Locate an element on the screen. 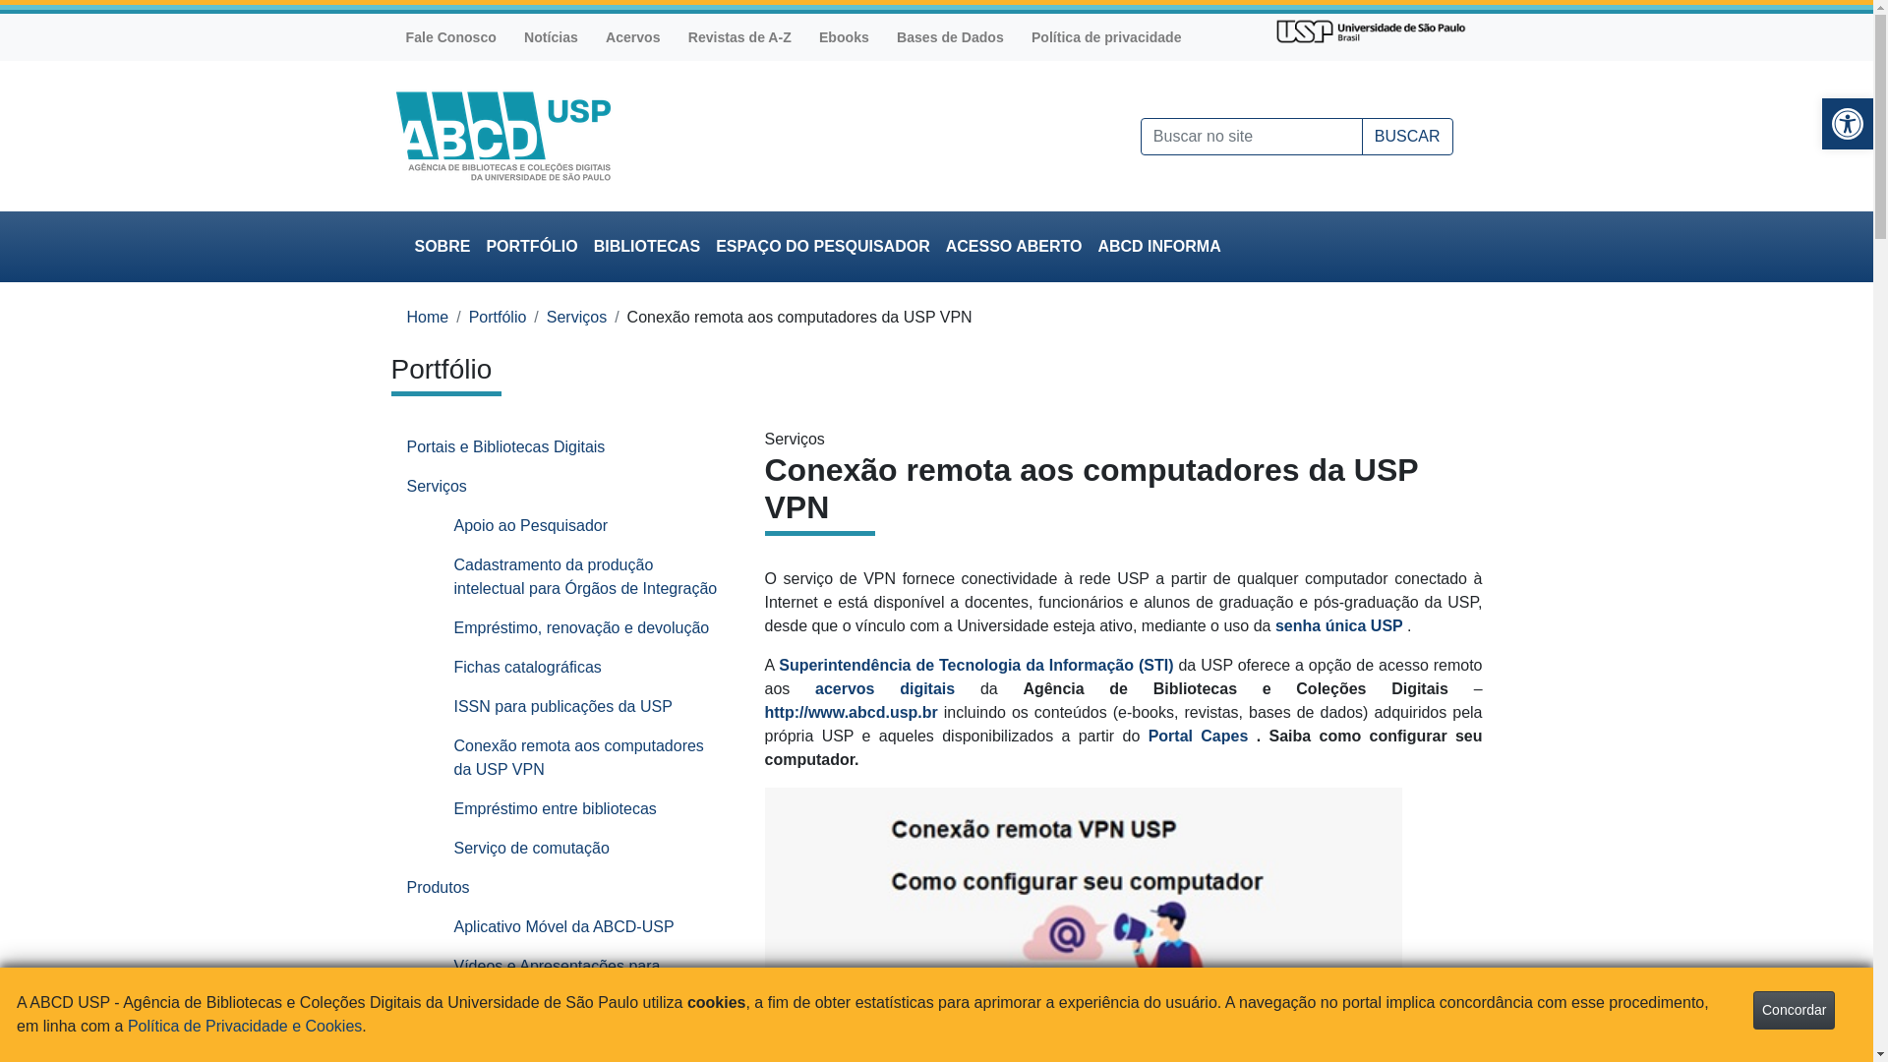  'ACESSO ABERTO' is located at coordinates (1014, 245).